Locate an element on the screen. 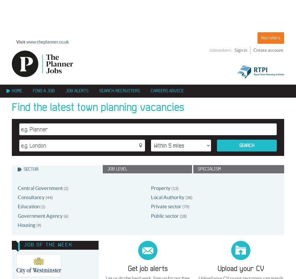 The image size is (296, 279). 'Careers advice' is located at coordinates (167, 91).